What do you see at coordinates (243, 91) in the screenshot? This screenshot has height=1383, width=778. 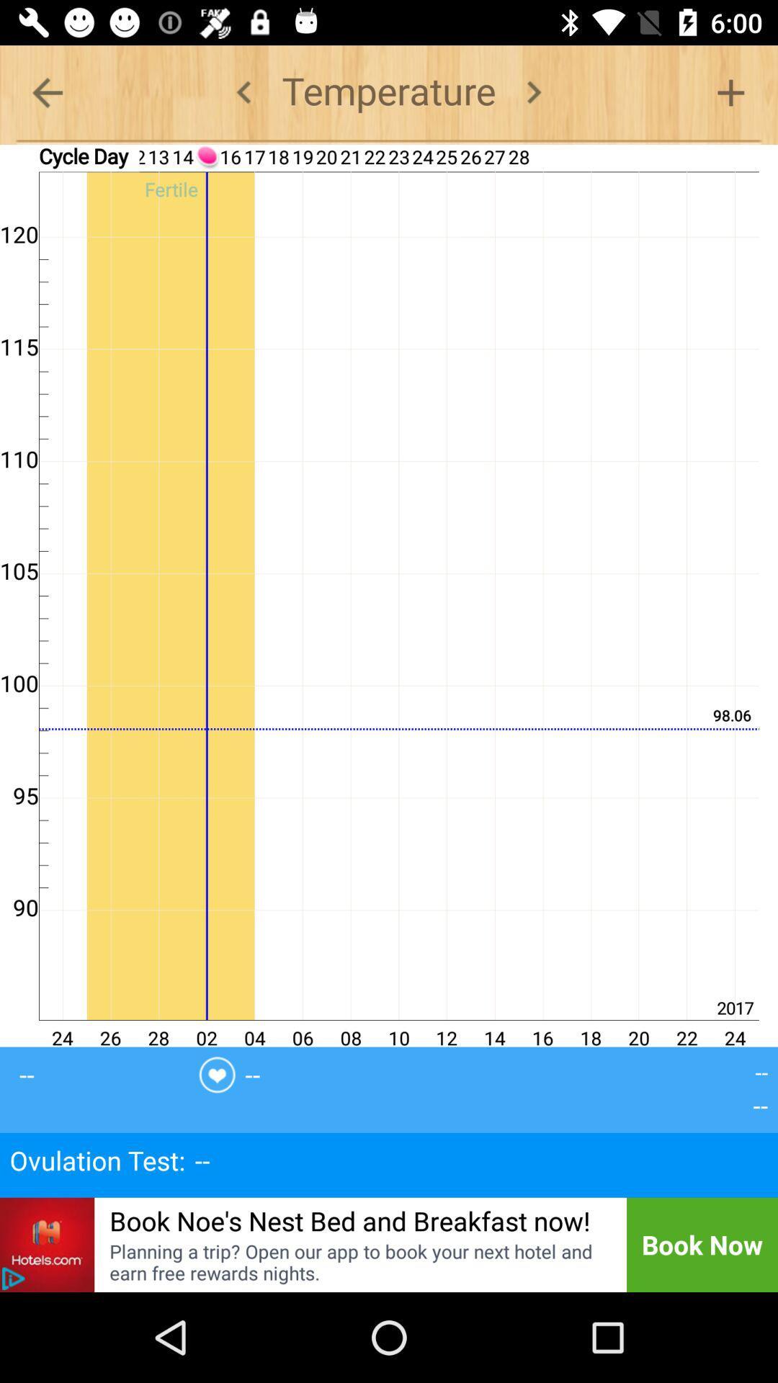 I see `because back devicer` at bounding box center [243, 91].